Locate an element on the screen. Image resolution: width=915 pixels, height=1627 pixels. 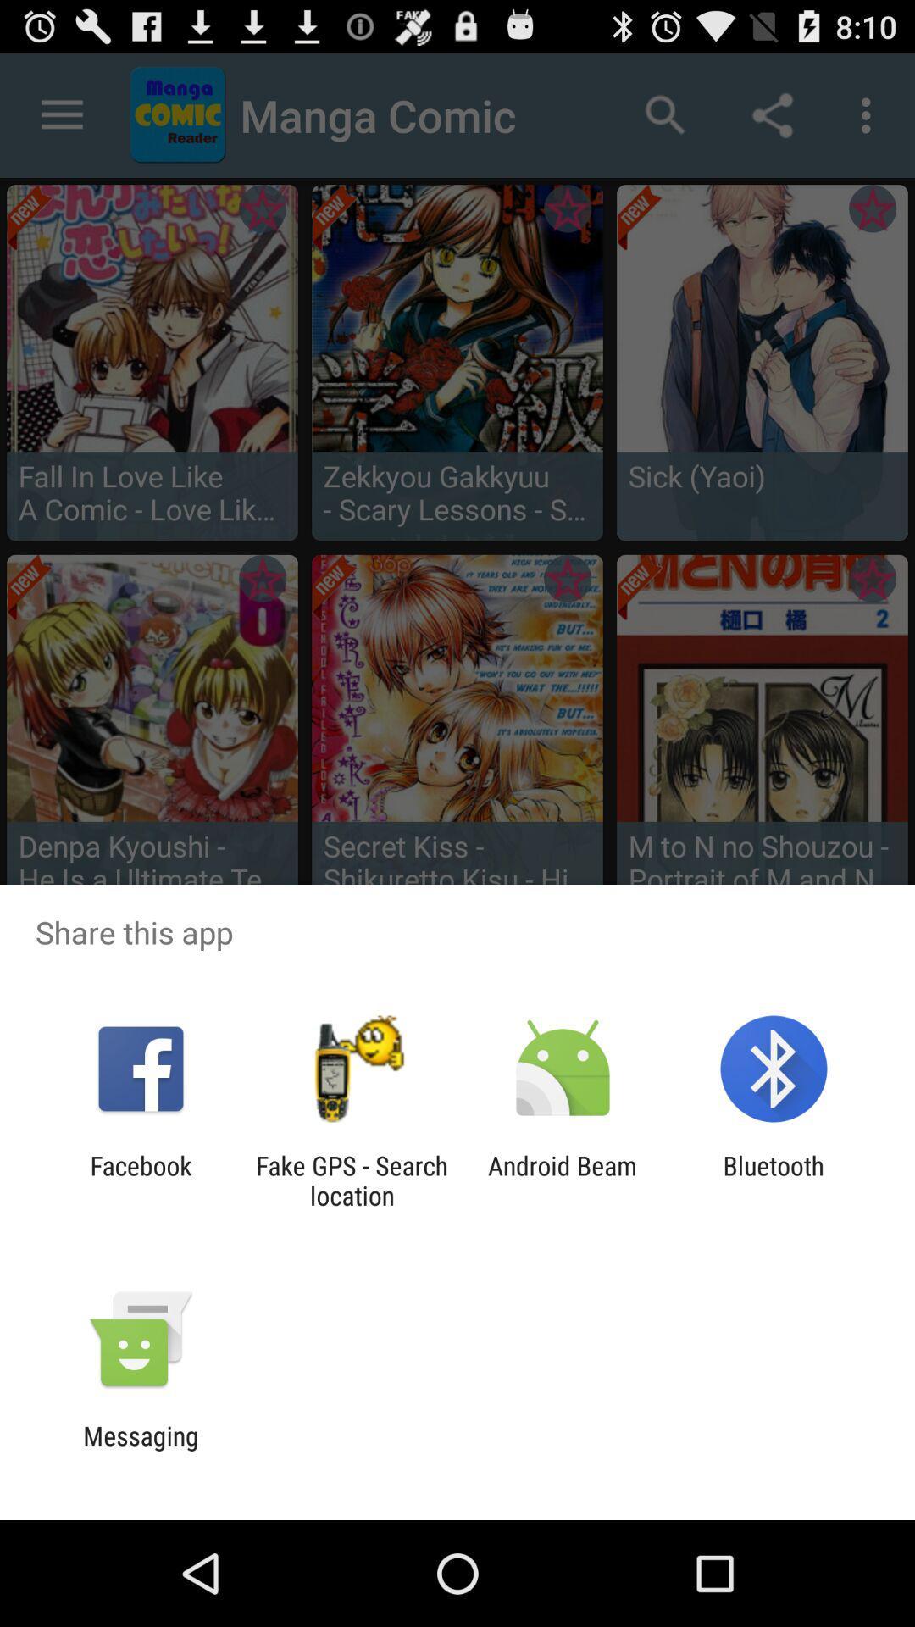
the icon next to the android beam app is located at coordinates (774, 1180).